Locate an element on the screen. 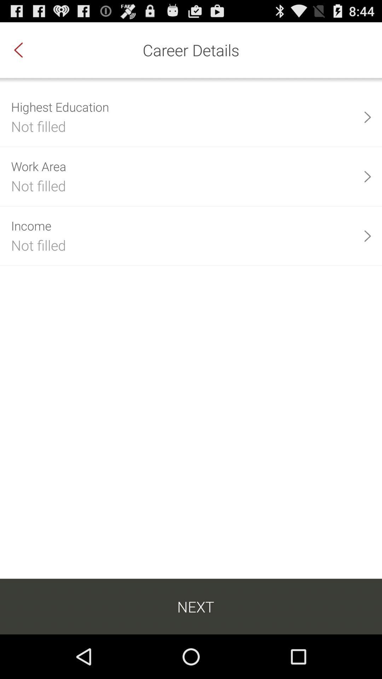 The image size is (382, 679). icon to the left of career details item is located at coordinates (25, 50).